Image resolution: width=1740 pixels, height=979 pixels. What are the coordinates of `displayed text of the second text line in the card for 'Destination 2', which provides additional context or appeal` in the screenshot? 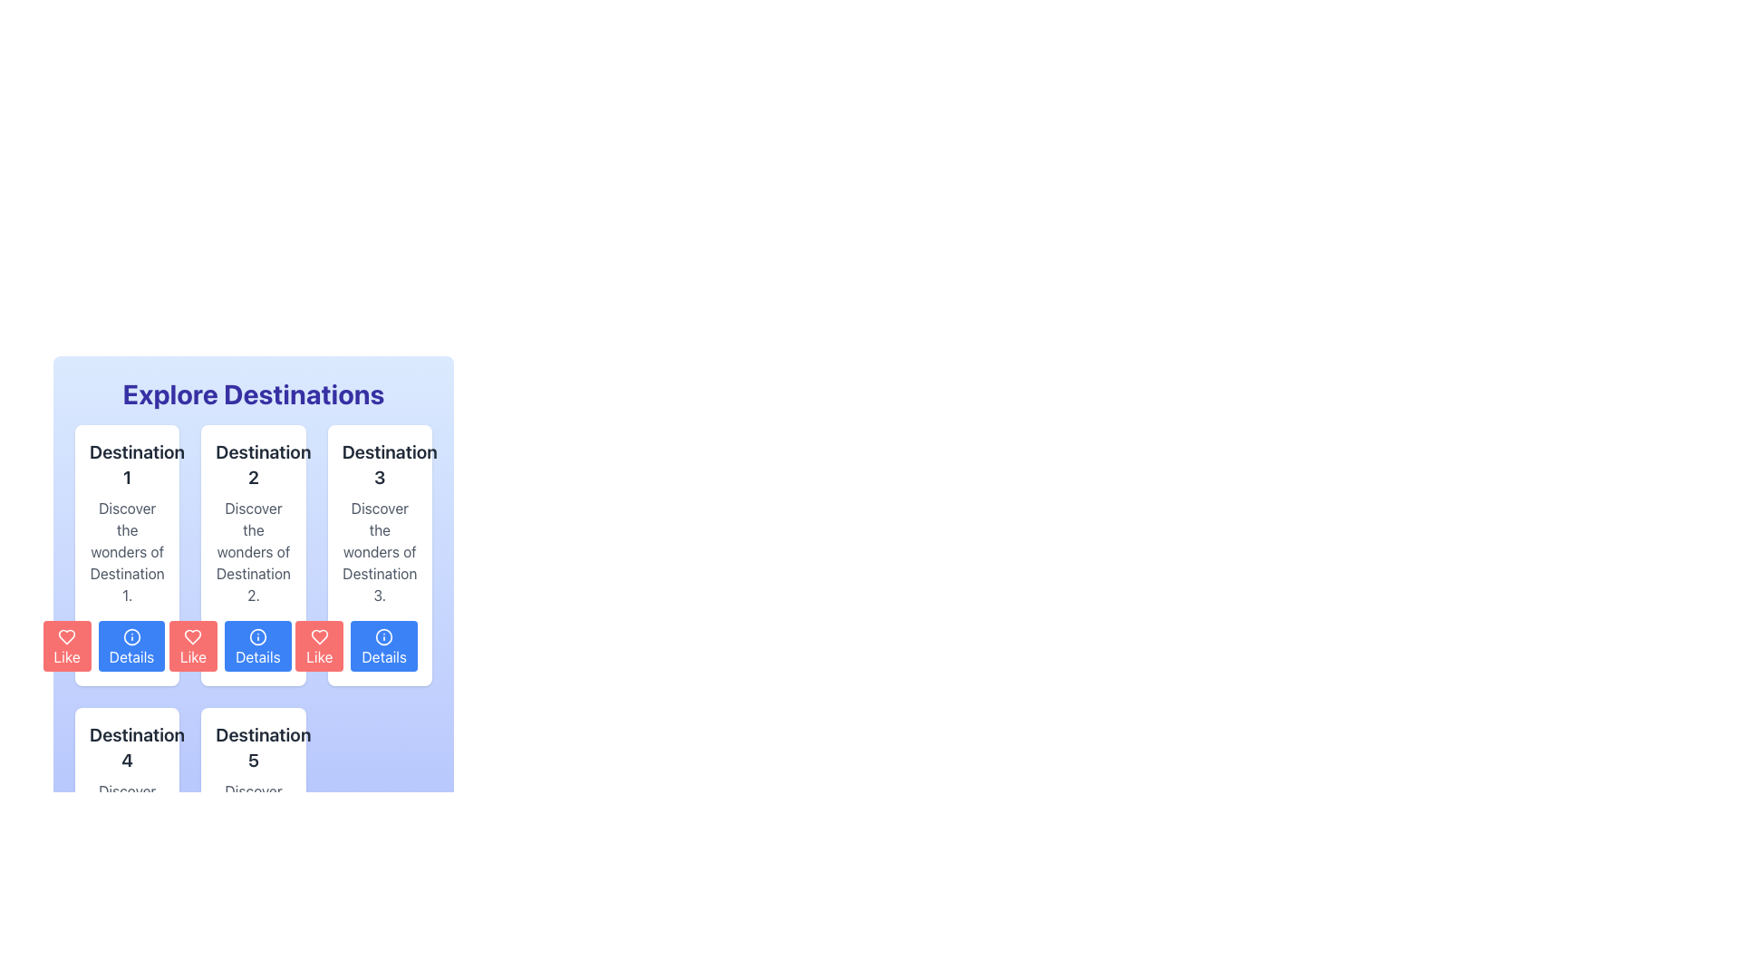 It's located at (252, 551).